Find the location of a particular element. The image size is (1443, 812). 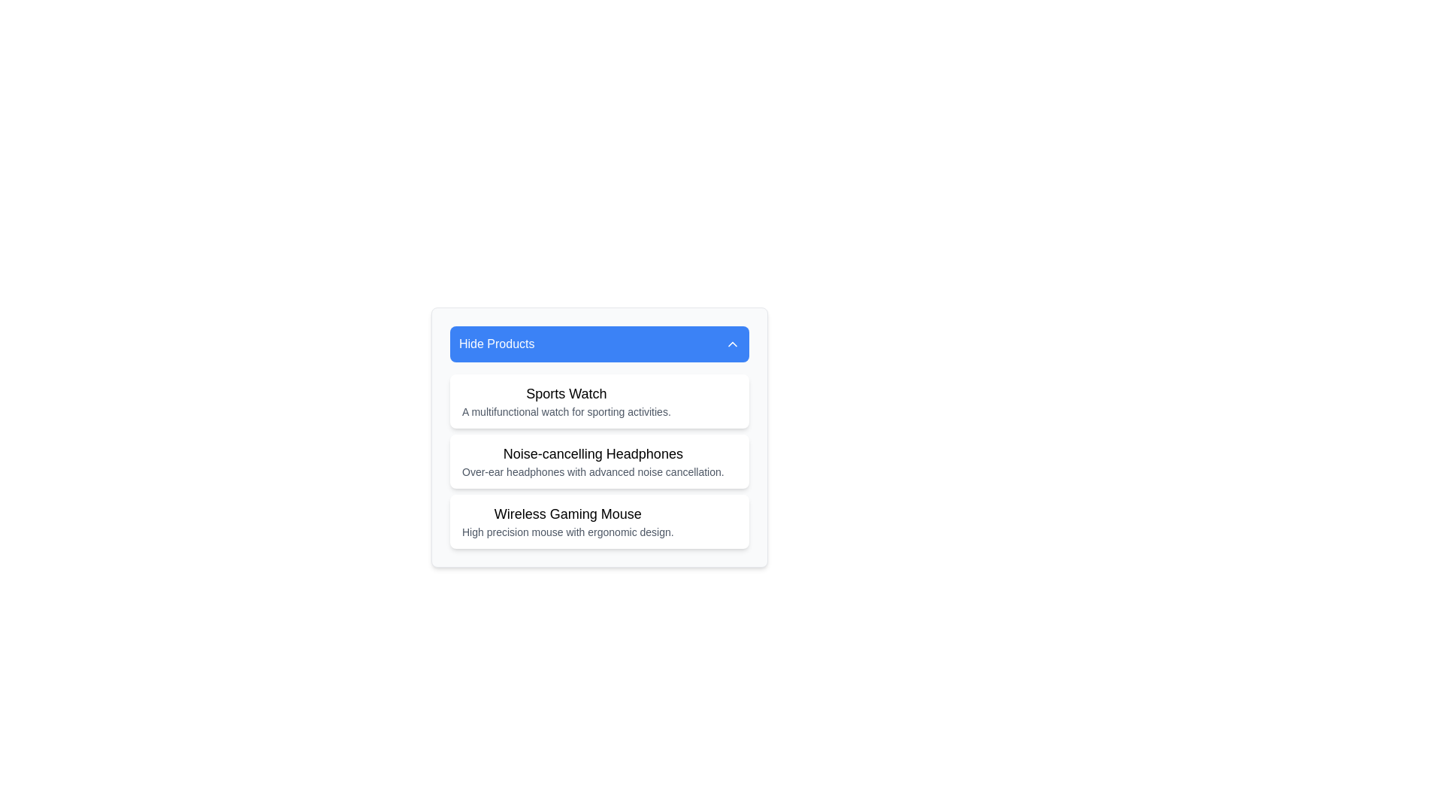

text element that displays 'High precision mouse with ergonomic design.', which is styled in light gray color and positioned below the 'Wireless Gaming Mouse' text is located at coordinates (567, 532).